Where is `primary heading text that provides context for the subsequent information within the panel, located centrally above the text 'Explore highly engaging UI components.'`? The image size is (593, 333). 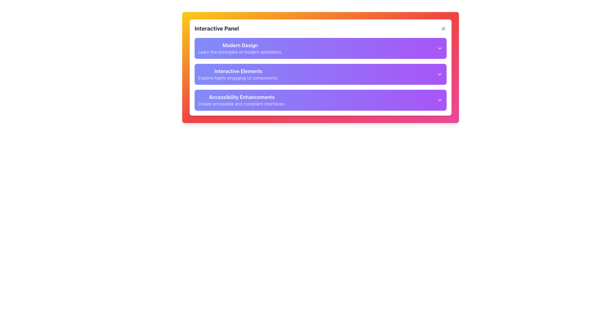
primary heading text that provides context for the subsequent information within the panel, located centrally above the text 'Explore highly engaging UI components.' is located at coordinates (238, 71).